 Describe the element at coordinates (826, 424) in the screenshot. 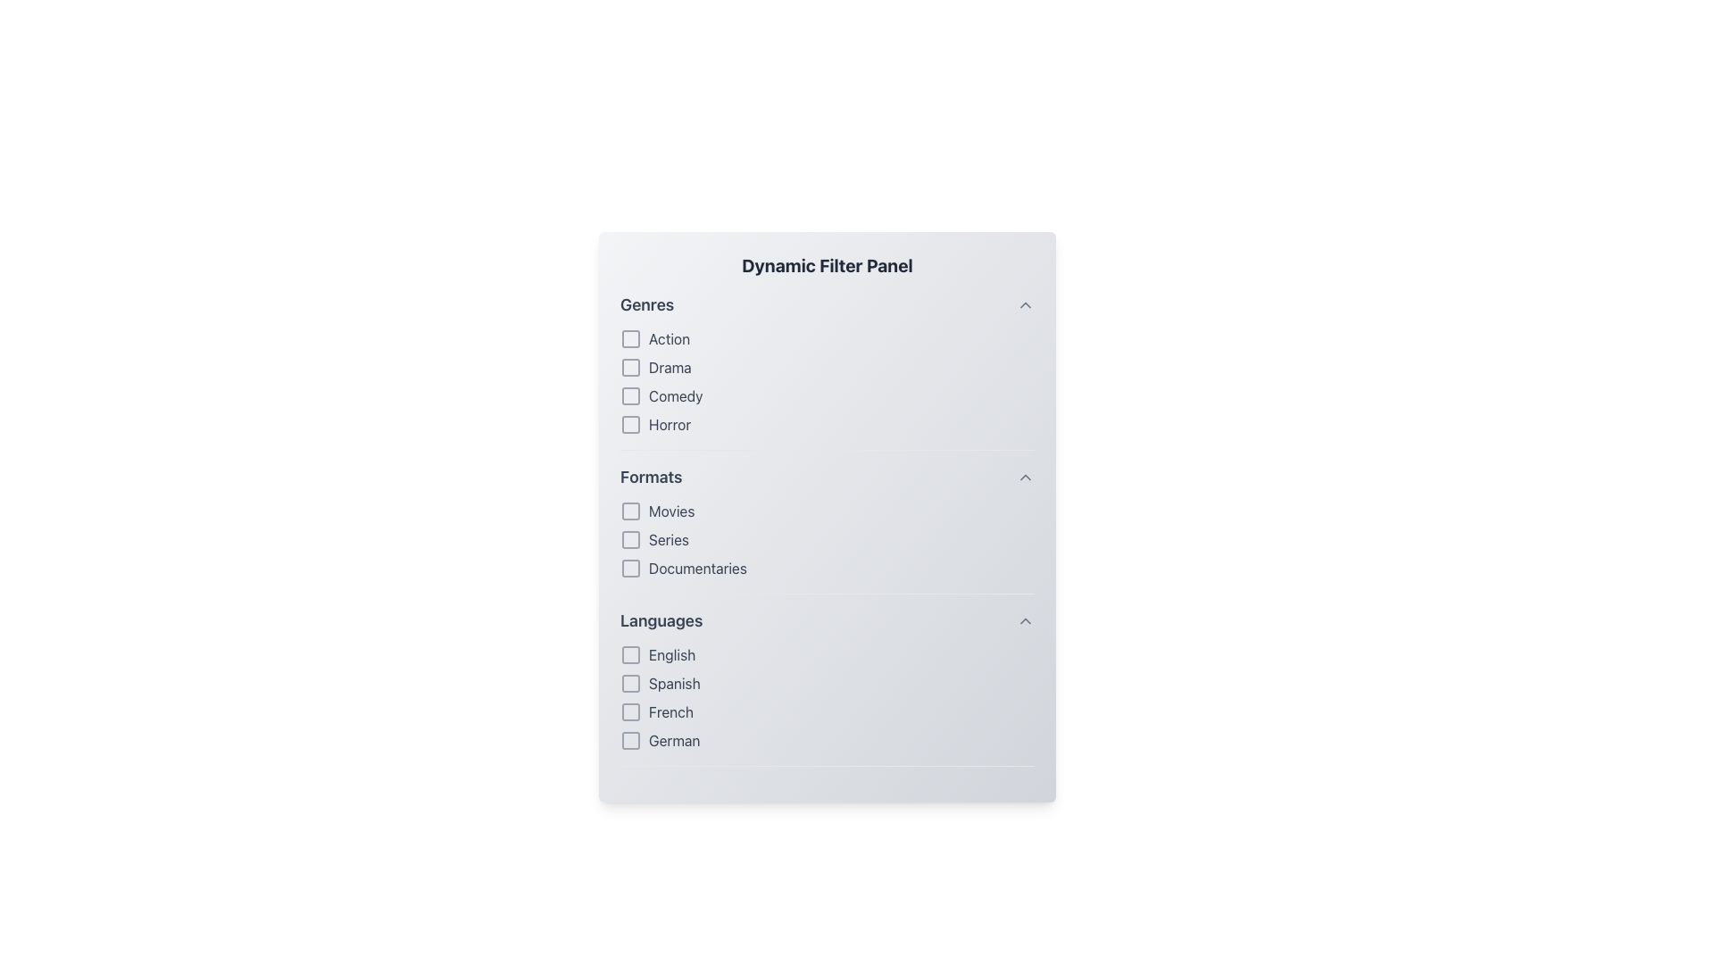

I see `the checkbox labeled 'Horror' in the Genres section of the filter panel` at that location.